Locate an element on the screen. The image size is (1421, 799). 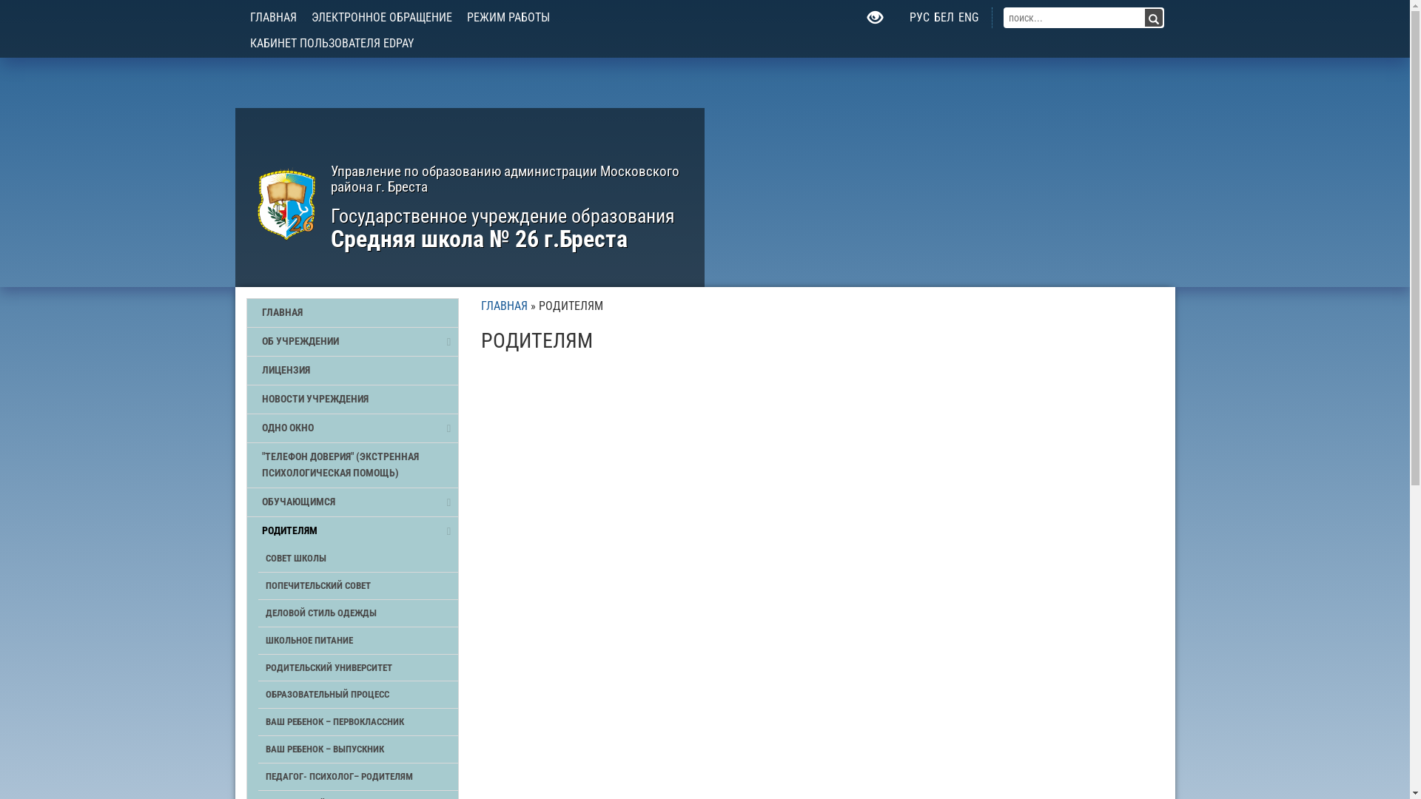
'ENG' is located at coordinates (968, 17).